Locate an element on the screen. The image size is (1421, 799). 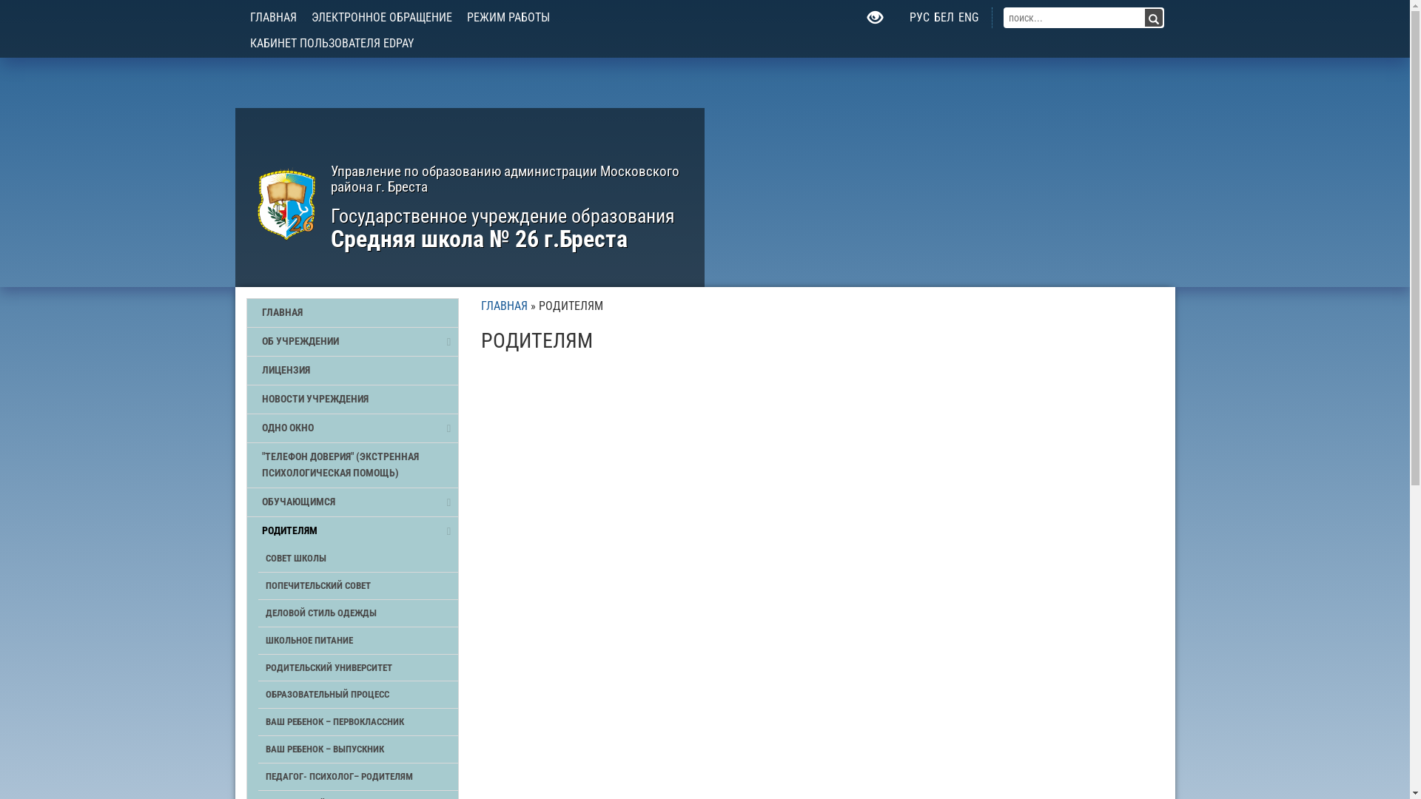
'ENG' is located at coordinates (968, 17).